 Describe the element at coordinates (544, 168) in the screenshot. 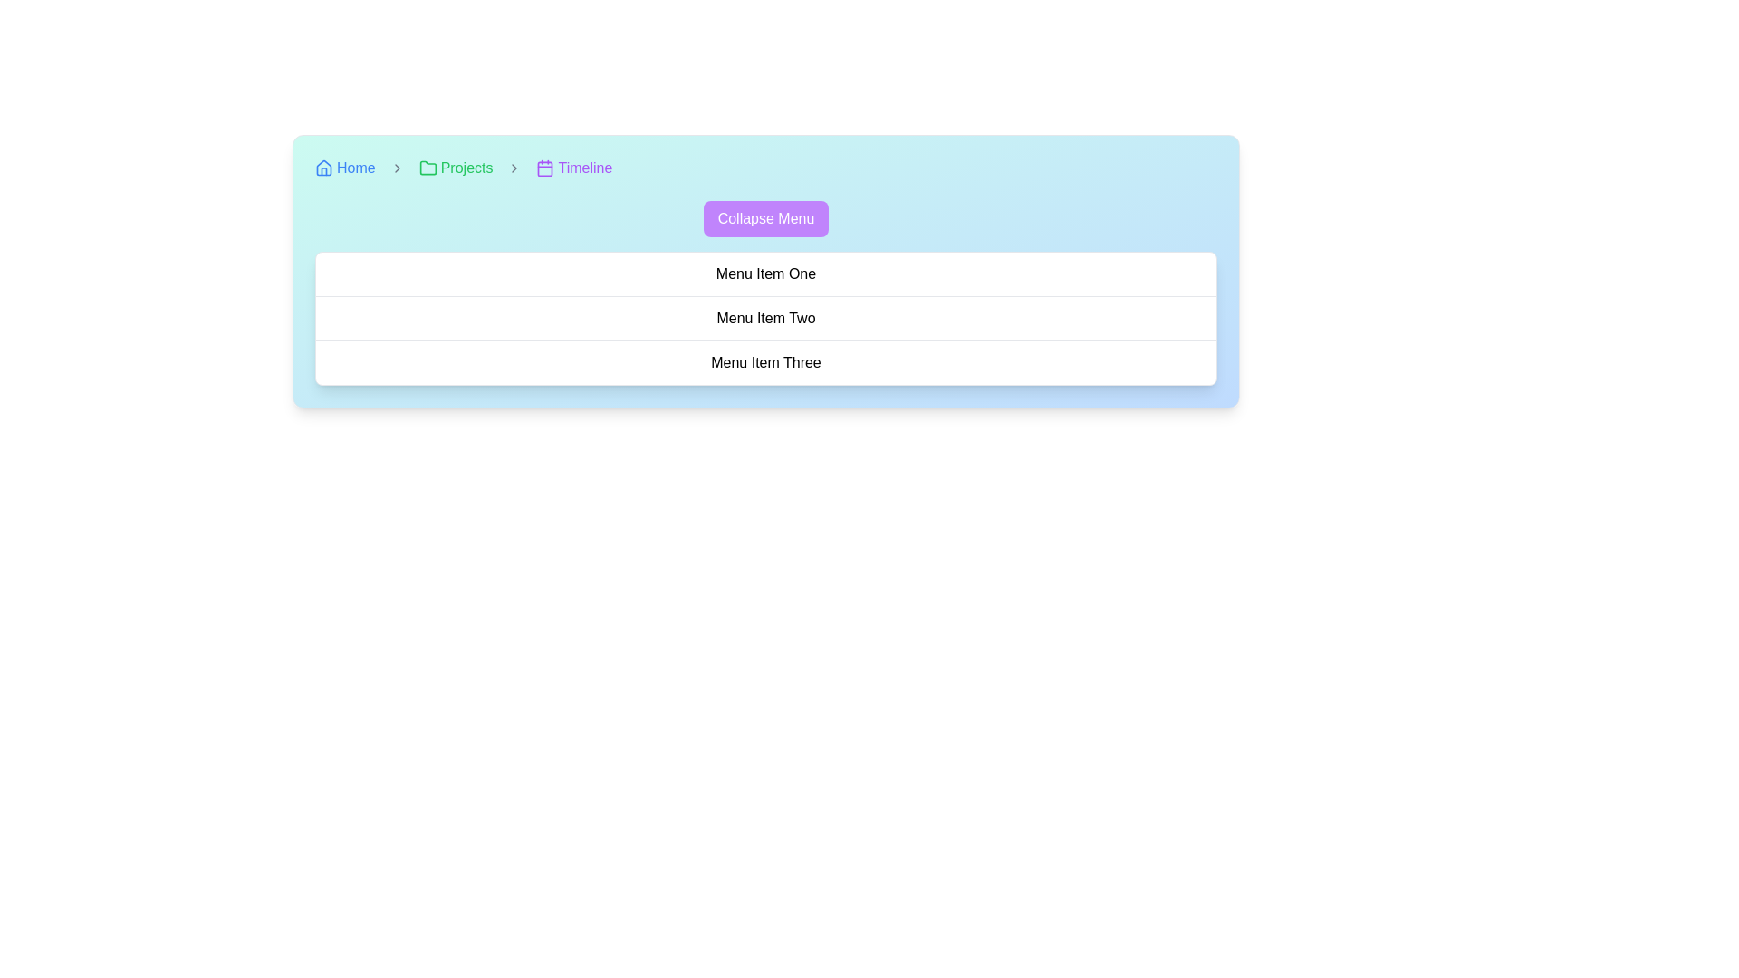

I see `the 'Timeline' icon located on the navigation breadcrumb, which is positioned to the right of the 'Projects' label and just before the 'Timeline' text` at that location.